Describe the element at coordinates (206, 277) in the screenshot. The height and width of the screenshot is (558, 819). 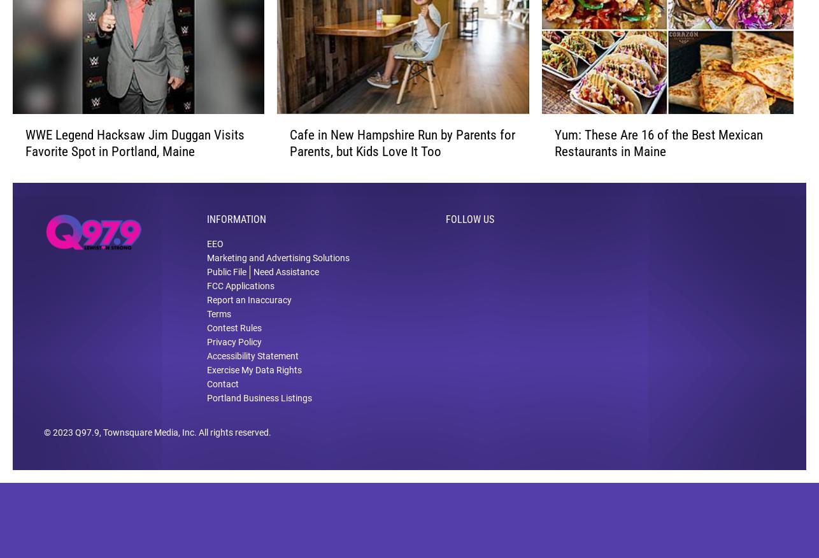
I see `'Marketing and Advertising Solutions'` at that location.